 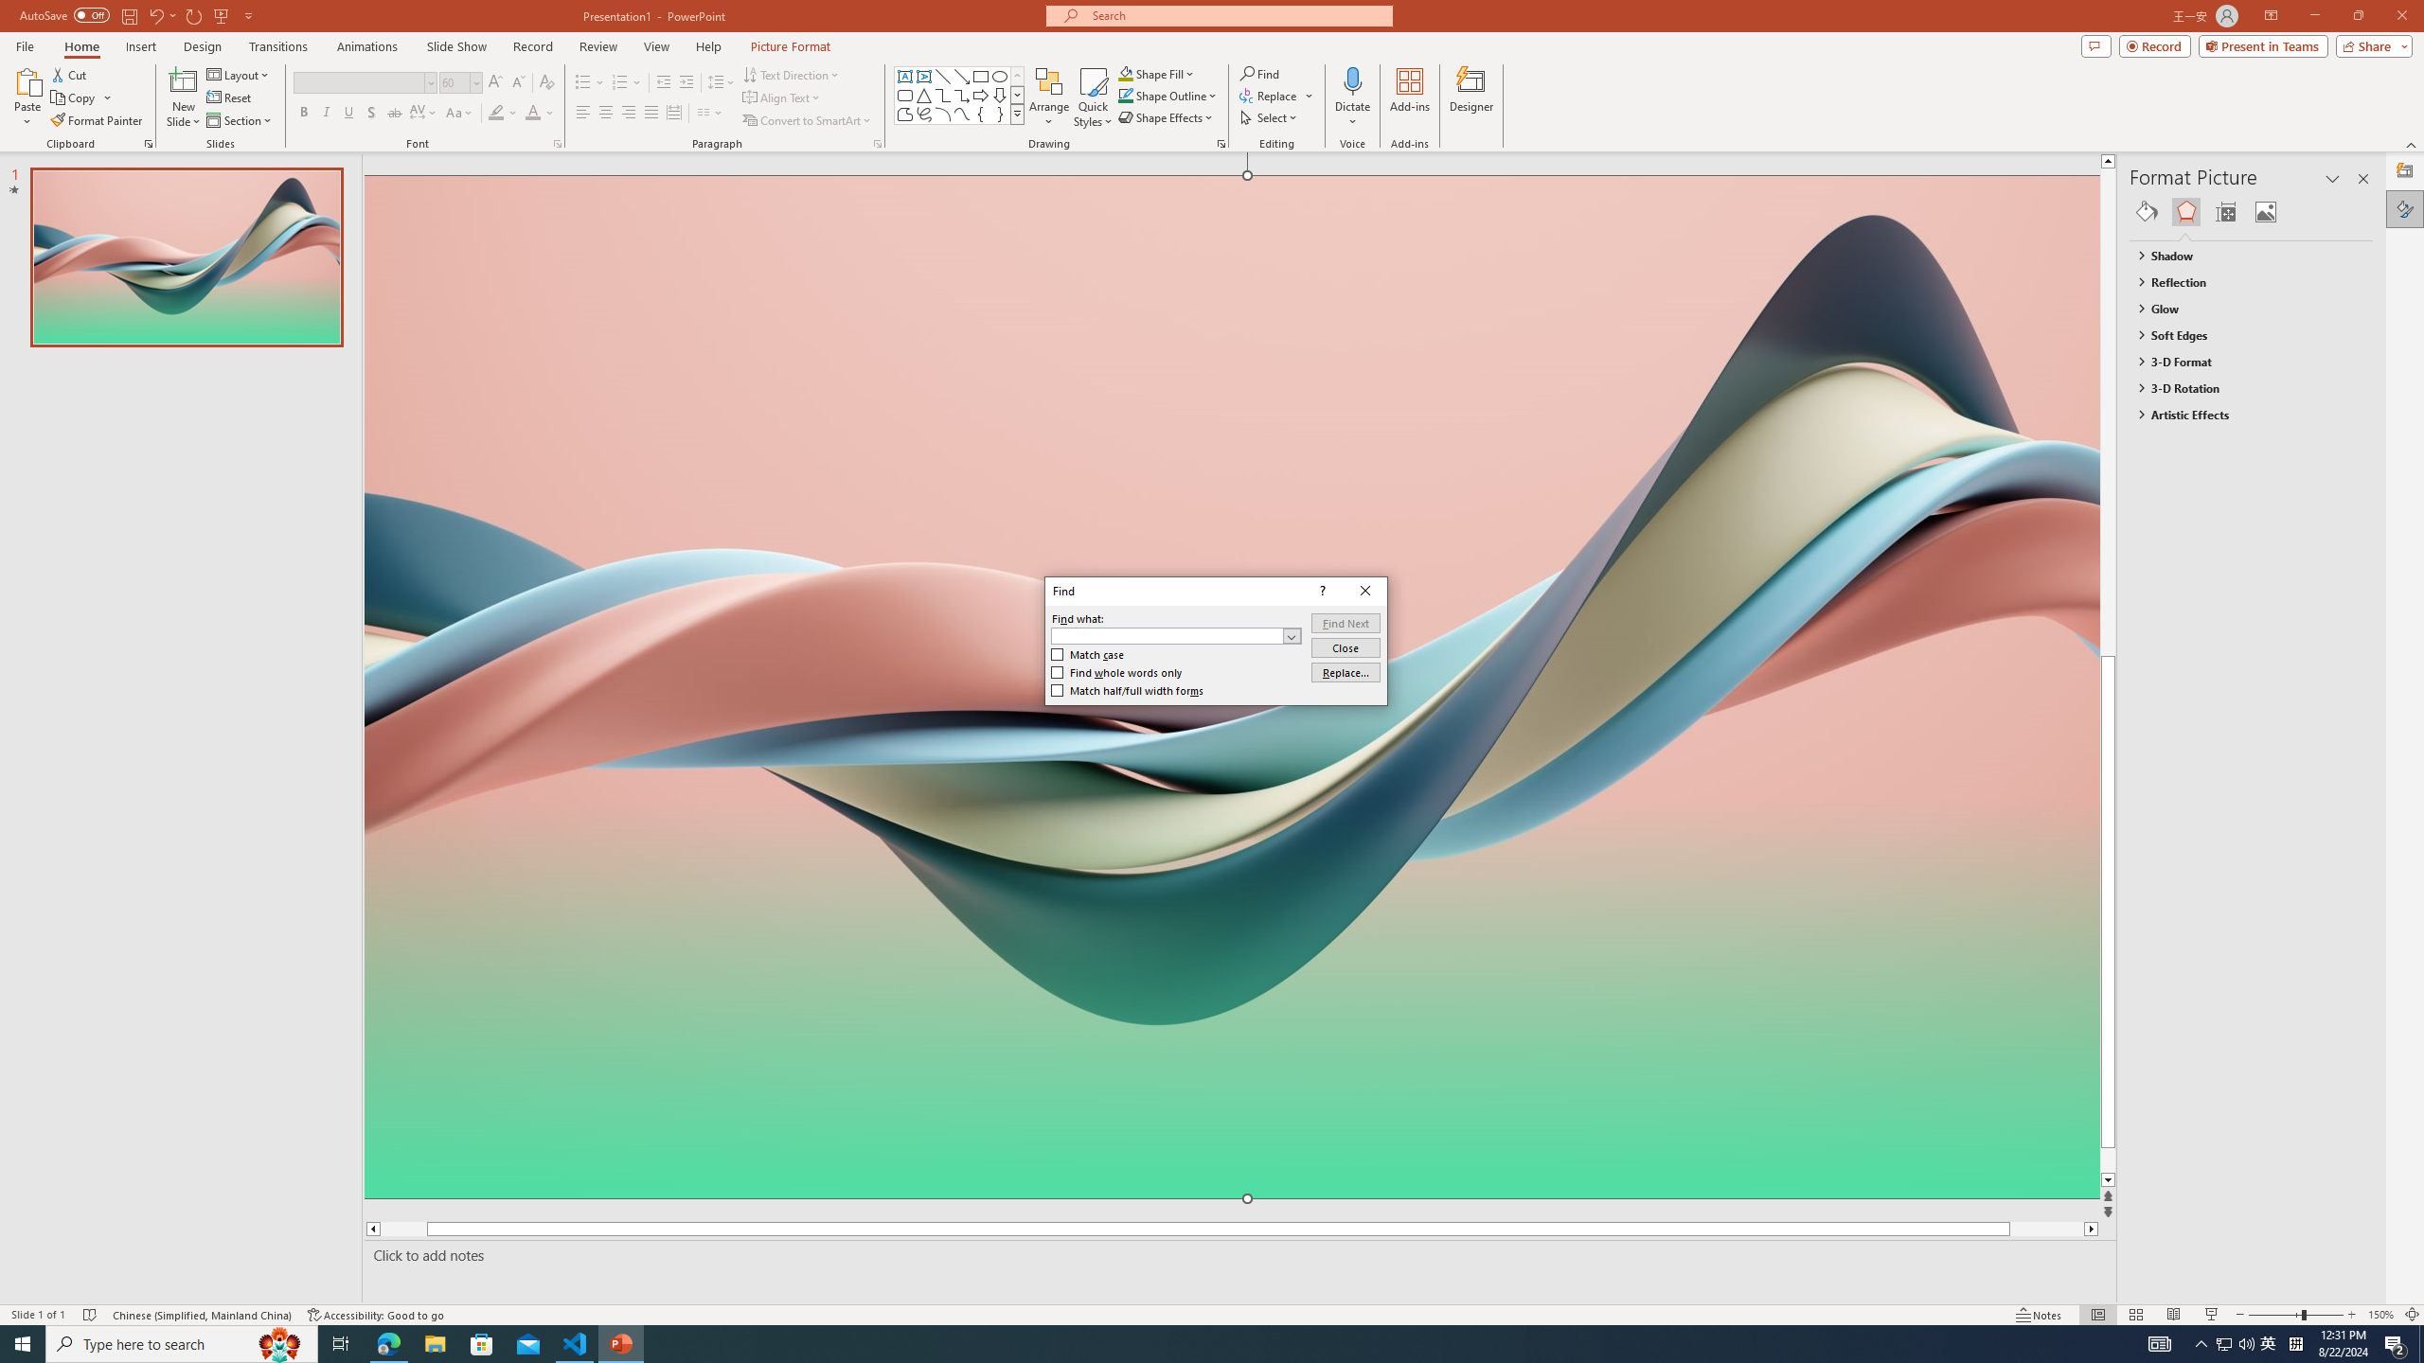 What do you see at coordinates (582, 112) in the screenshot?
I see `'Align Left'` at bounding box center [582, 112].